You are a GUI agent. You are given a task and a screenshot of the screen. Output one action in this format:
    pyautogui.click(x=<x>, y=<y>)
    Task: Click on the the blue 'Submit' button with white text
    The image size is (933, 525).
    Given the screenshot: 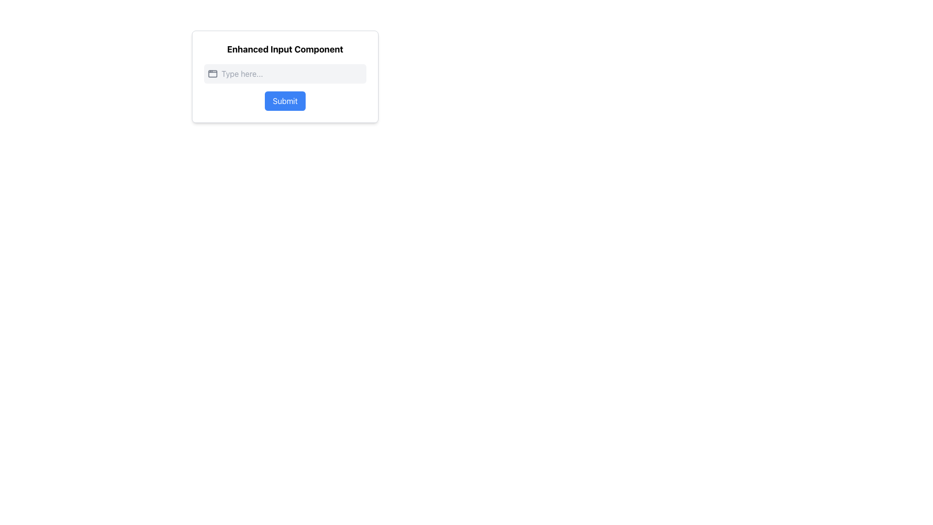 What is the action you would take?
    pyautogui.click(x=284, y=101)
    